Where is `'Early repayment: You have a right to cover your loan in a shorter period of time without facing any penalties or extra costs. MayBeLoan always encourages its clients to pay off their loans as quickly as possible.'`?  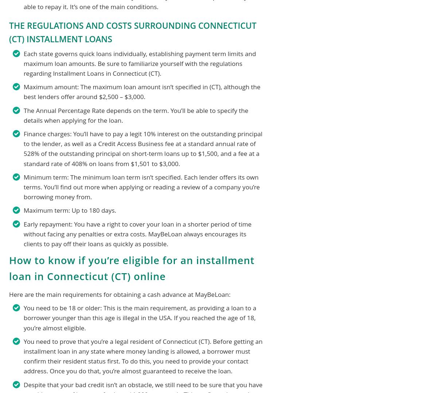
'Early repayment: You have a right to cover your loan in a shorter period of time without facing any penalties or extra costs. MayBeLoan always encourages its clients to pay off their loans as quickly as possible.' is located at coordinates (137, 233).